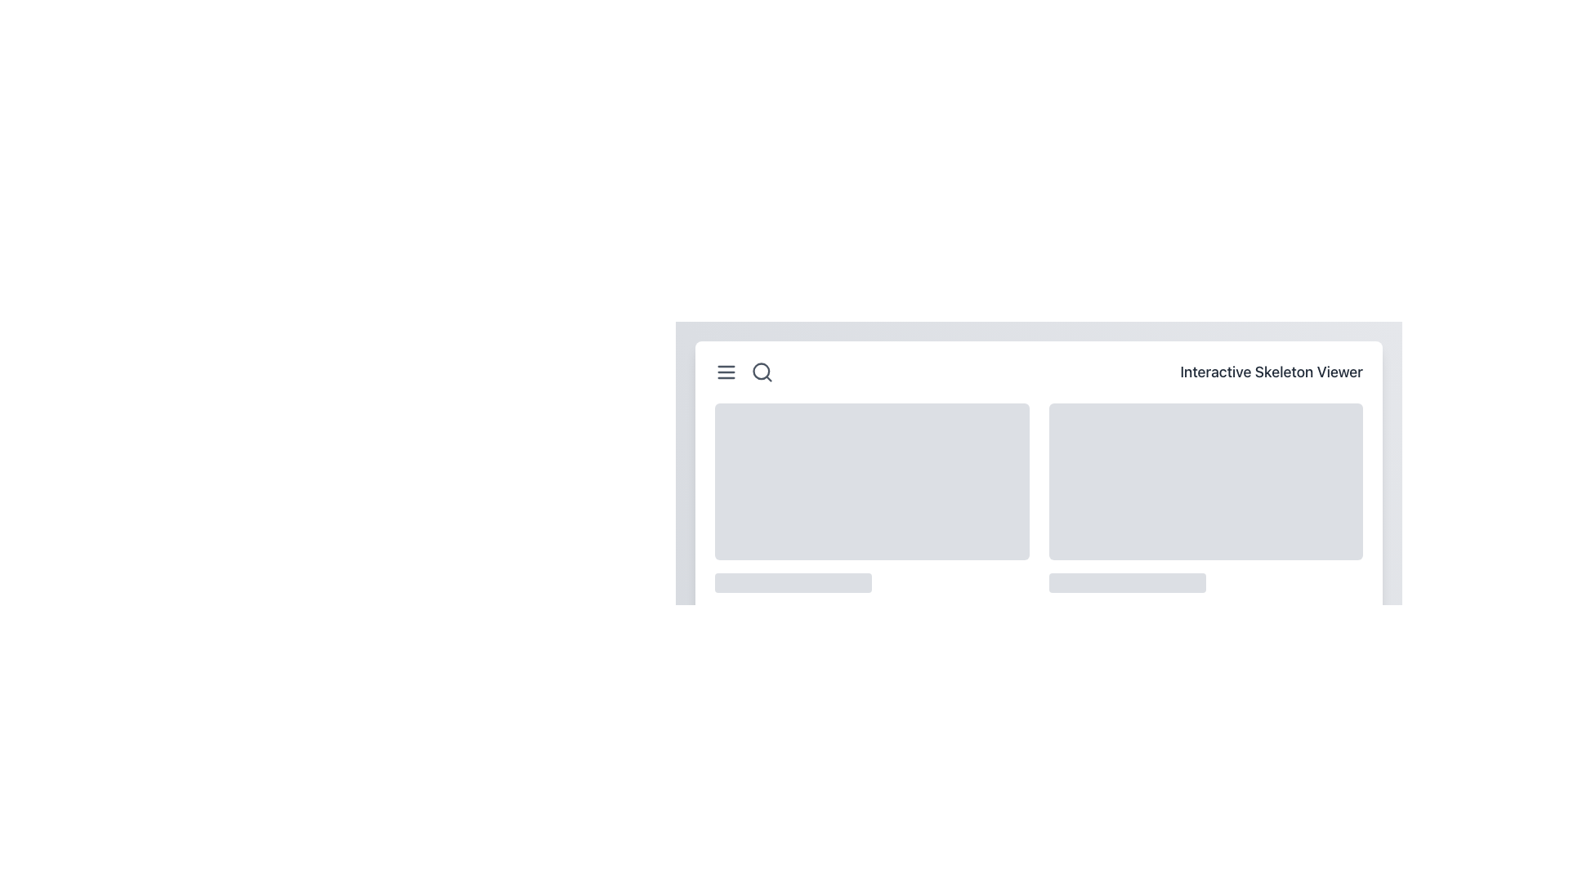  I want to click on the three-line menu icon, which is styled in gray and positioned at the top-left corner of the interface, so click(725, 372).